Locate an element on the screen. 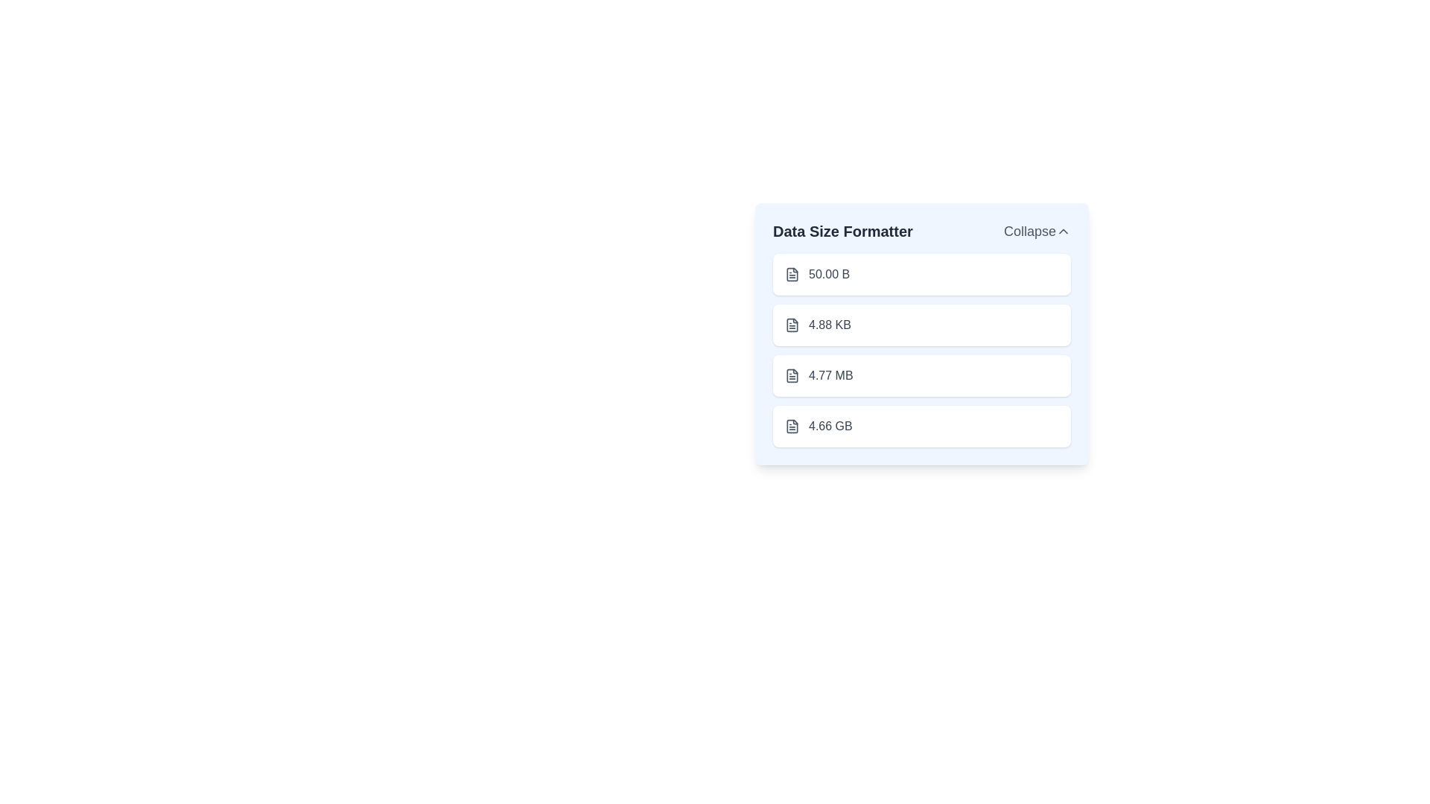 The height and width of the screenshot is (804, 1430). the styled file or document icon, which has a rectangular shape with a distinct corner fold, located to the left of the first text entry in the table is located at coordinates (792, 324).